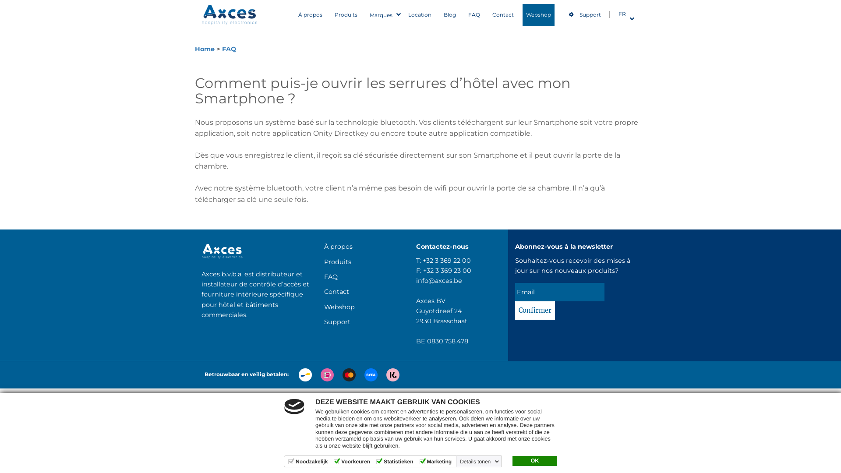 The width and height of the screenshot is (841, 473). Describe the element at coordinates (406, 397) in the screenshot. I see `'Termes et conditions'` at that location.